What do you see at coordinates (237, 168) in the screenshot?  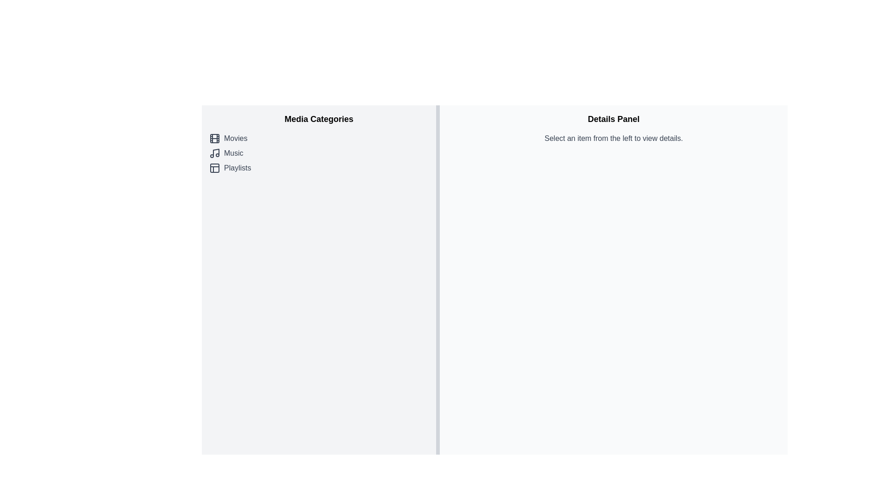 I see `text content of the 'Playlists' label, which is the last item in the vertical list under the 'Media Categories' section, positioned below 'Music'` at bounding box center [237, 168].